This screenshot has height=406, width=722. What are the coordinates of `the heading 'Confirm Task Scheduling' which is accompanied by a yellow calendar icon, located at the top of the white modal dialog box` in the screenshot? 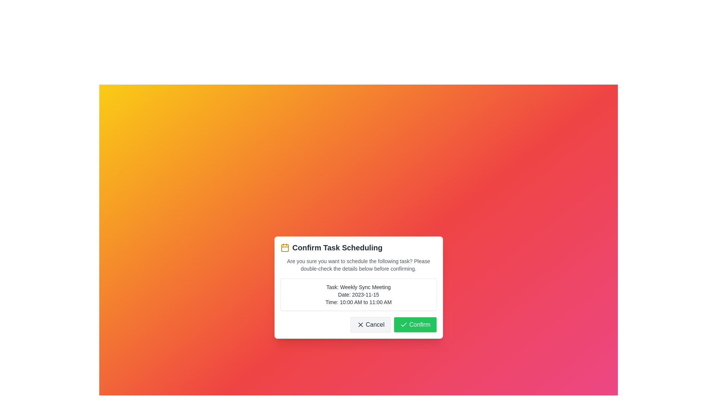 It's located at (358, 248).